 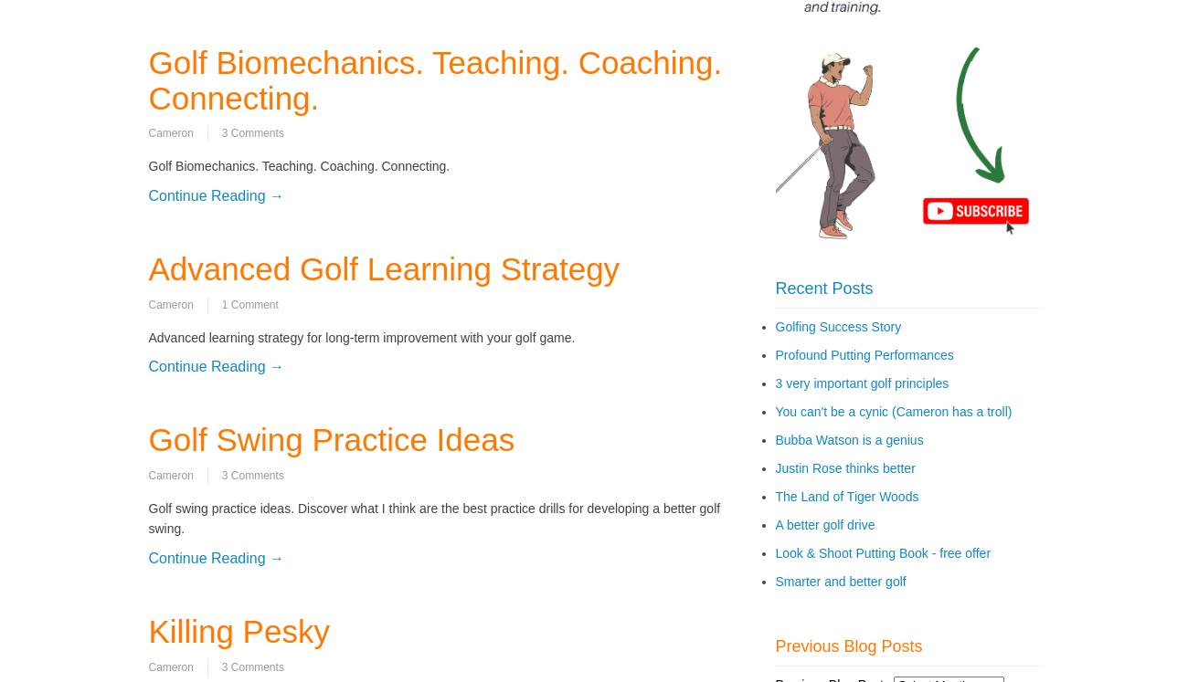 I want to click on 'Advanced Golf Learning Strategy', so click(x=384, y=268).